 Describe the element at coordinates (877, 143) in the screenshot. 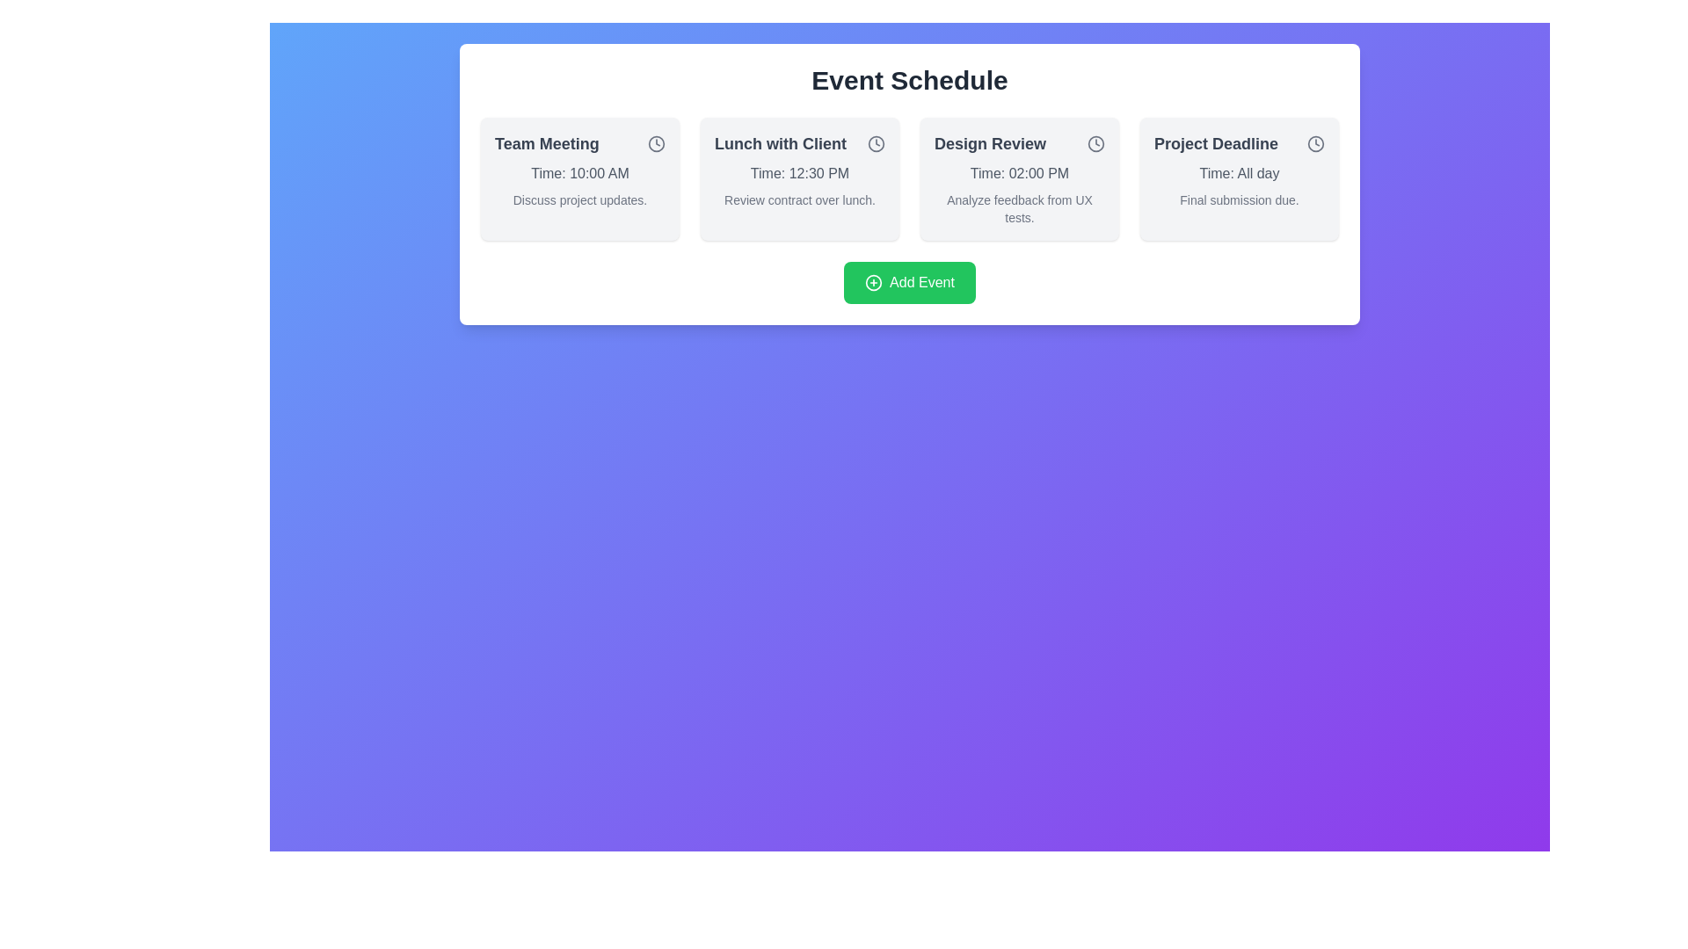

I see `the time-related icon located within the 'Lunch with Client' card, positioned to the right of the title text` at that location.